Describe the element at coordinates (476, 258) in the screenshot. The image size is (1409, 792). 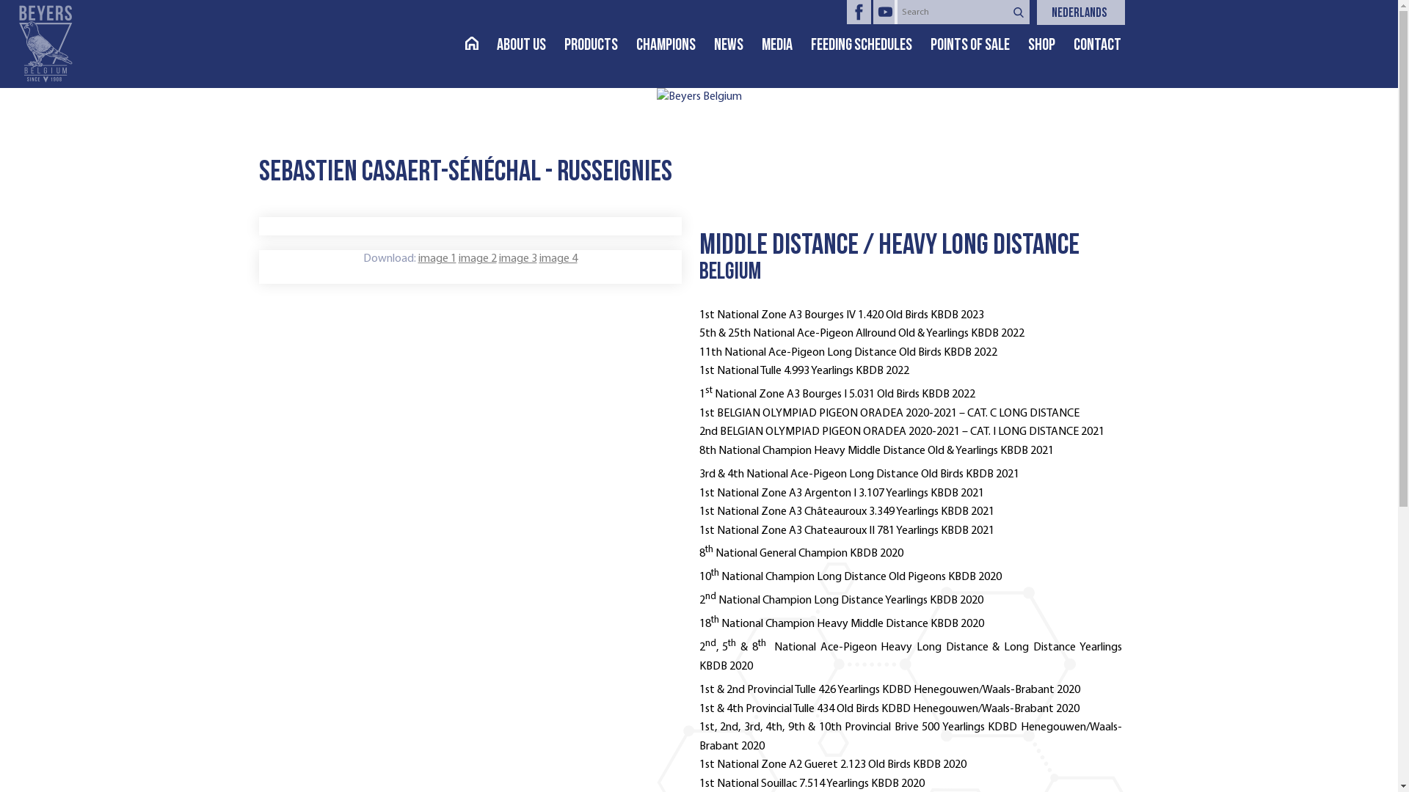
I see `'image 2'` at that location.